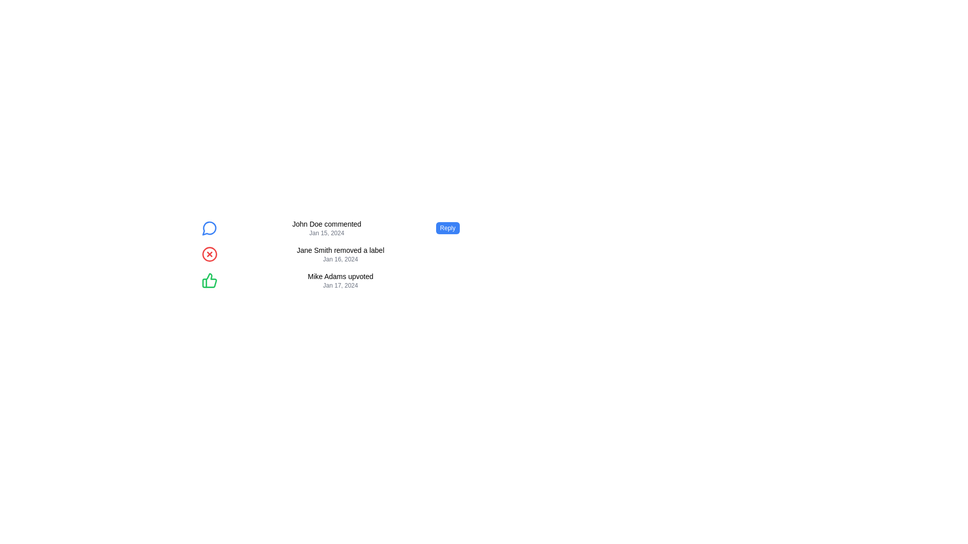 Image resolution: width=968 pixels, height=544 pixels. Describe the element at coordinates (330, 254) in the screenshot. I see `the text display area that shows the log entry "Jane Smith removed a label"` at that location.